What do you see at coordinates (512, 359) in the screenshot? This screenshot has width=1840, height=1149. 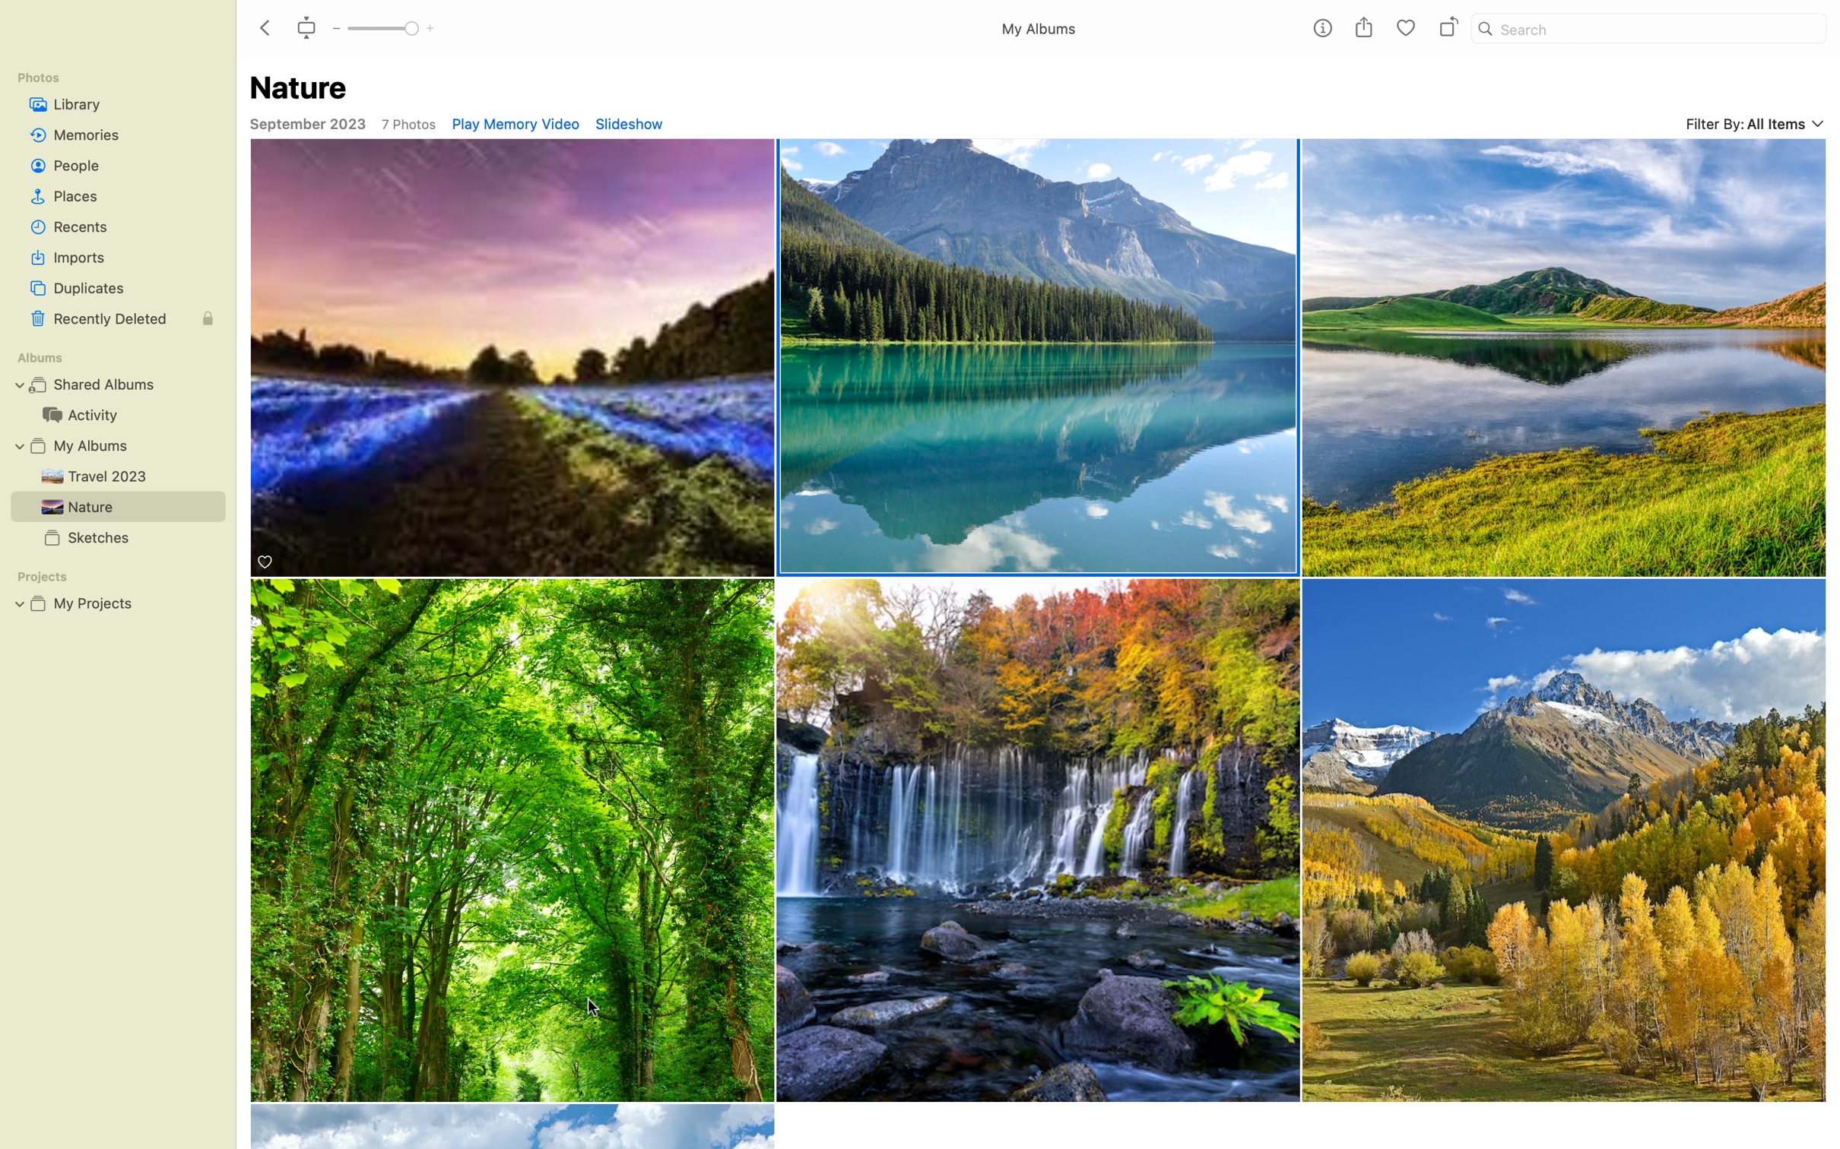 I see `Perform double-click action on the bioluminescence image` at bounding box center [512, 359].